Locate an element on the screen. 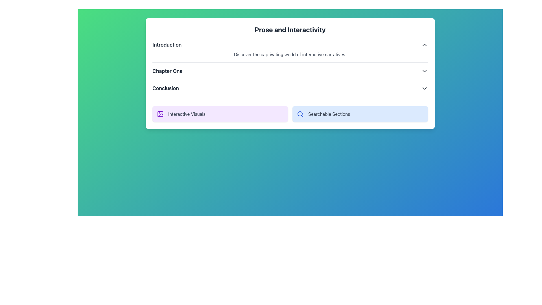 This screenshot has width=542, height=305. the chevron icon located to the far right of the 'Introduction' section header is located at coordinates (424, 44).